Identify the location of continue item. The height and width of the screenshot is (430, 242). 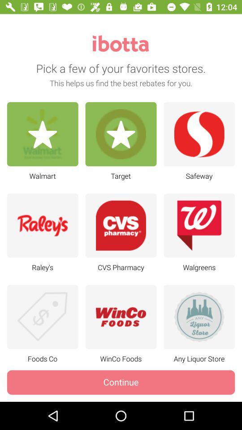
(121, 382).